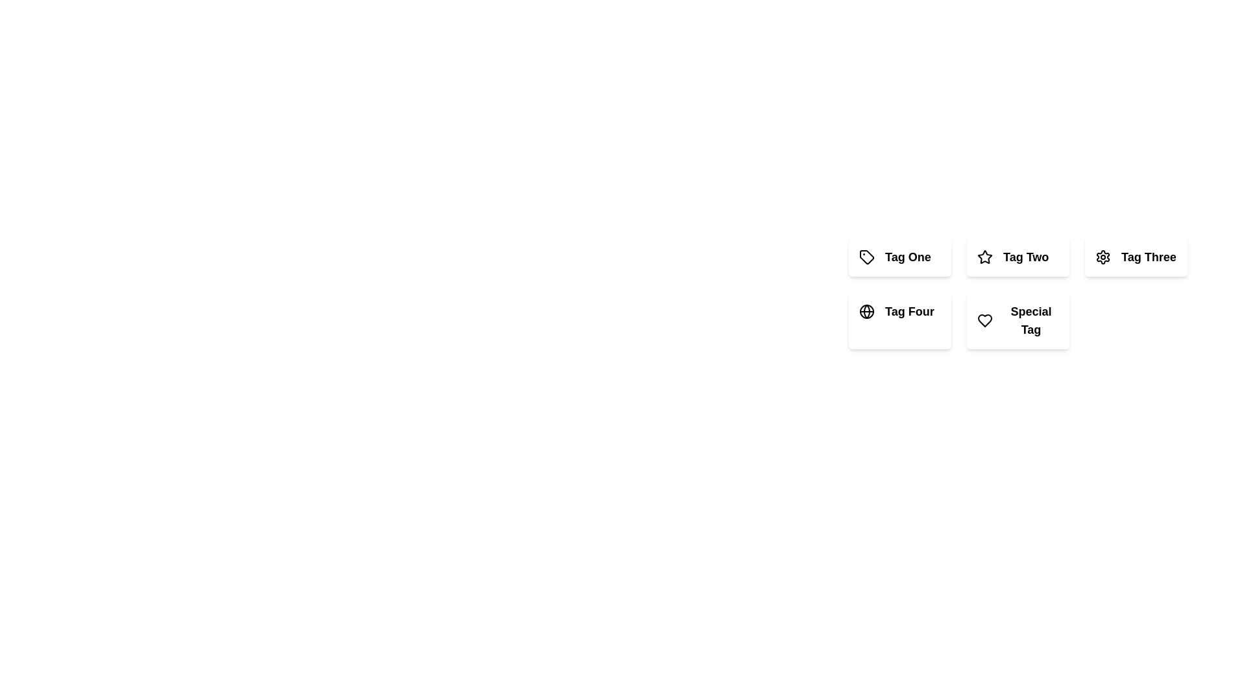 Image resolution: width=1246 pixels, height=700 pixels. What do you see at coordinates (899, 312) in the screenshot?
I see `the button labeled 'Tag Four' located in the bottom-left card of a 2x3 grid, which is the leftmost element in the second row` at bounding box center [899, 312].